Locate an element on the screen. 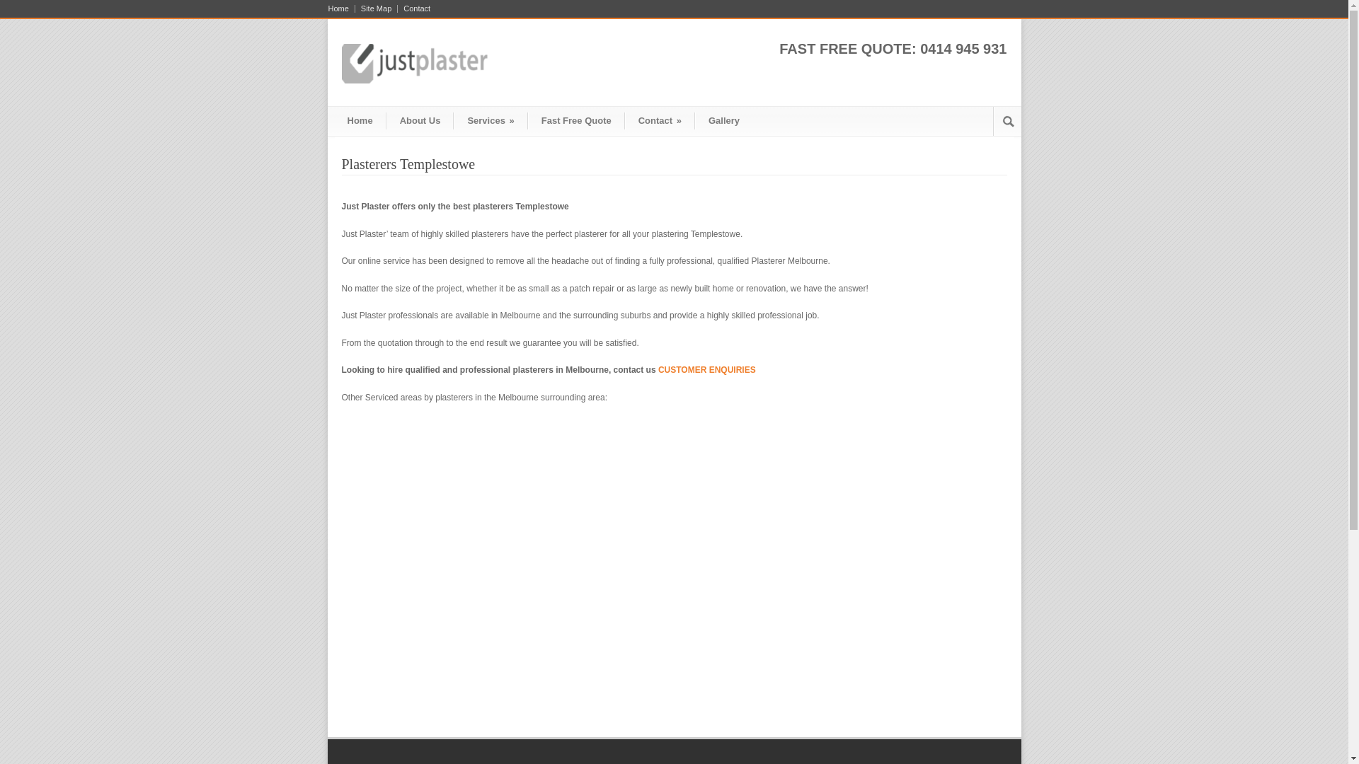  'Site Map' is located at coordinates (377, 8).